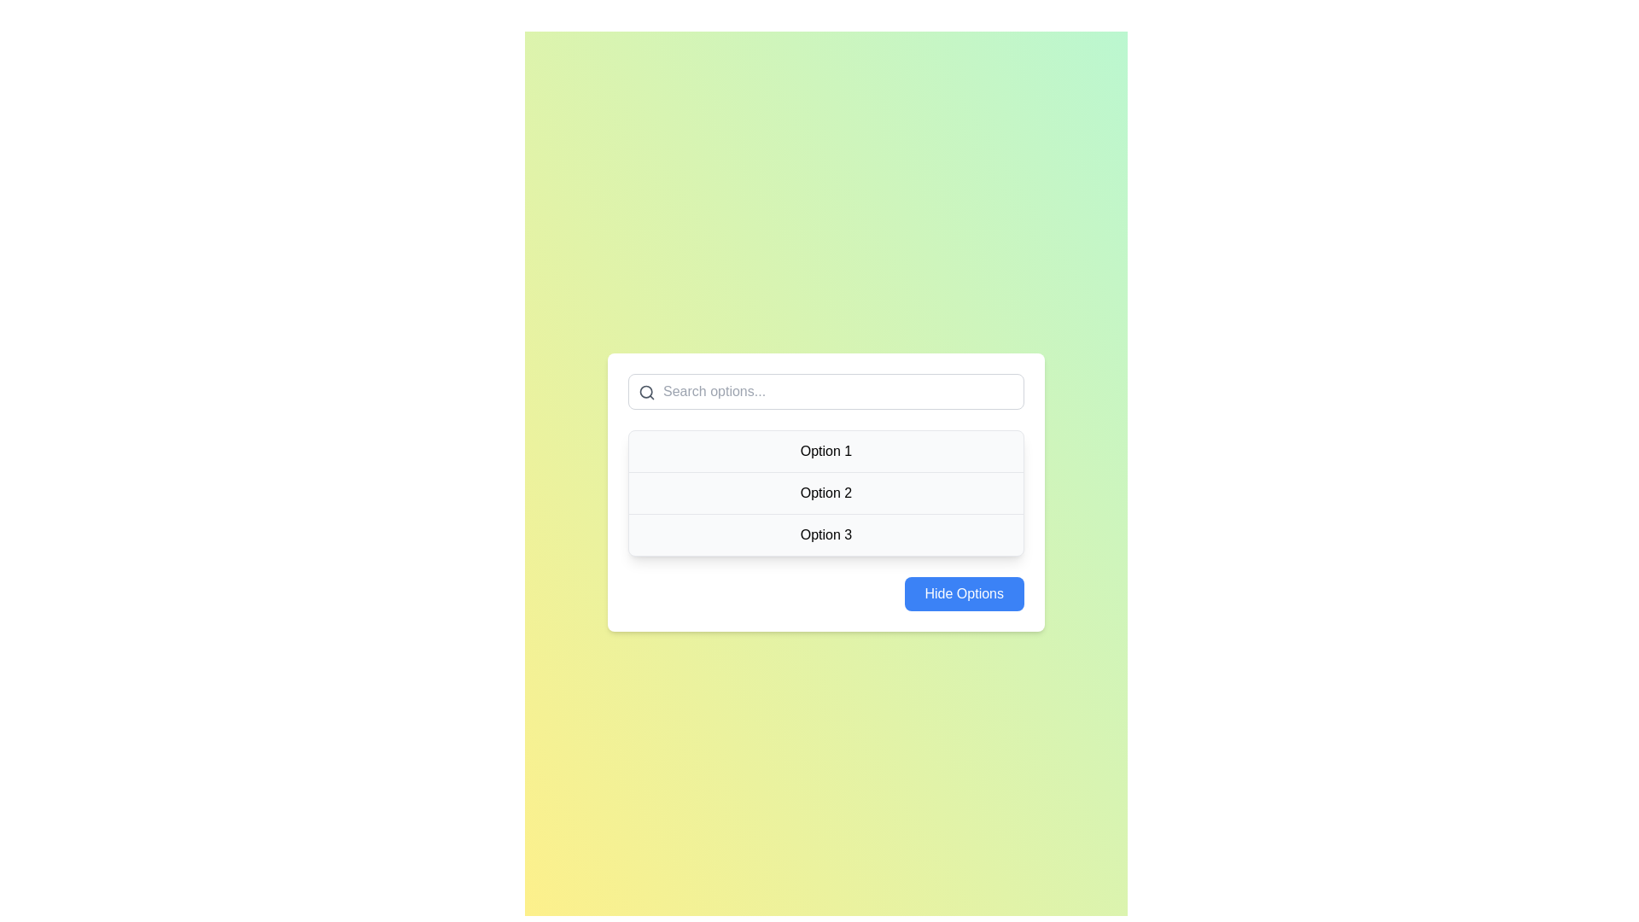 This screenshot has width=1639, height=922. What do you see at coordinates (826, 493) in the screenshot?
I see `the selectable list item labeled 'Option 2'` at bounding box center [826, 493].